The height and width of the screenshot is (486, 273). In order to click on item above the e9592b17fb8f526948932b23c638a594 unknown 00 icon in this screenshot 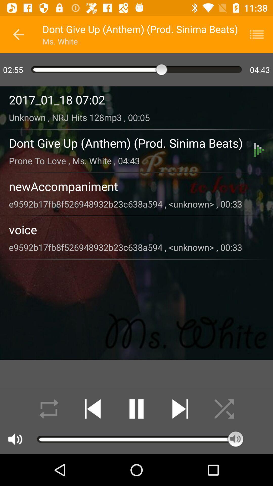, I will do `click(136, 229)`.